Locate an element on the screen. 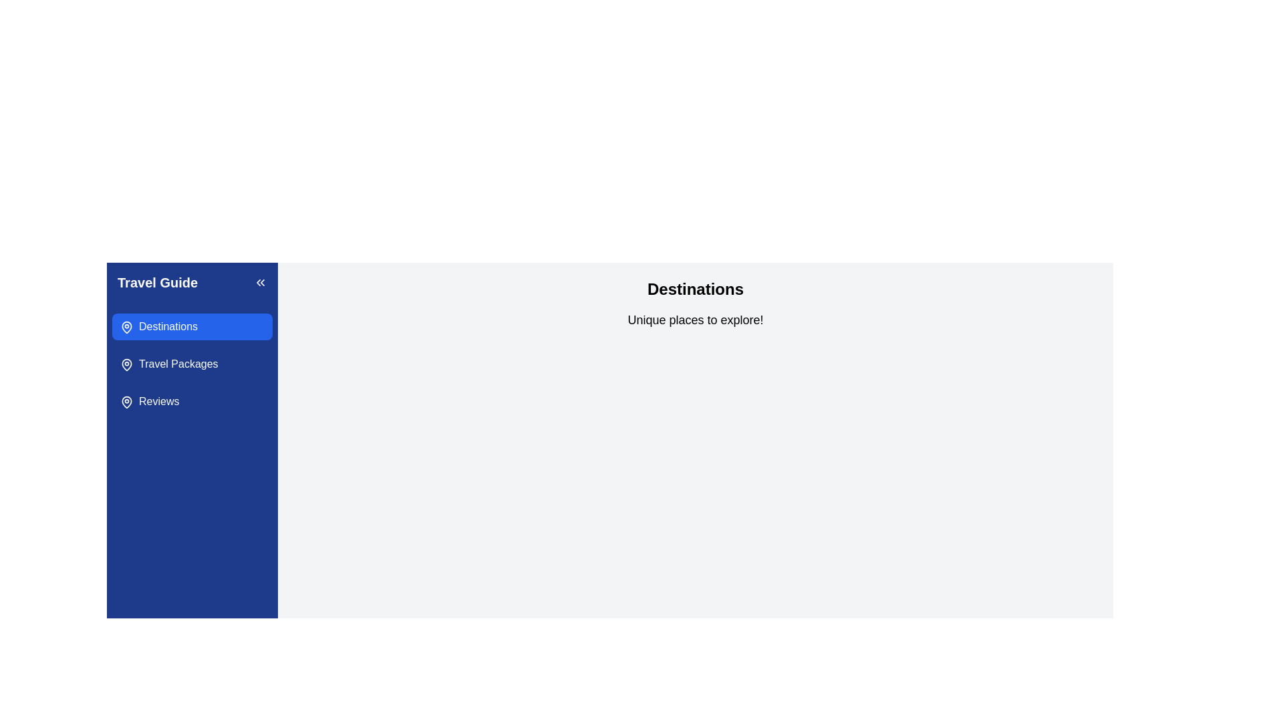  text label or hyperlink for the 'Reviews' section located in the sidebar navigation menu under 'Travel Guide', which is the third item in the vertical list is located at coordinates (159, 400).